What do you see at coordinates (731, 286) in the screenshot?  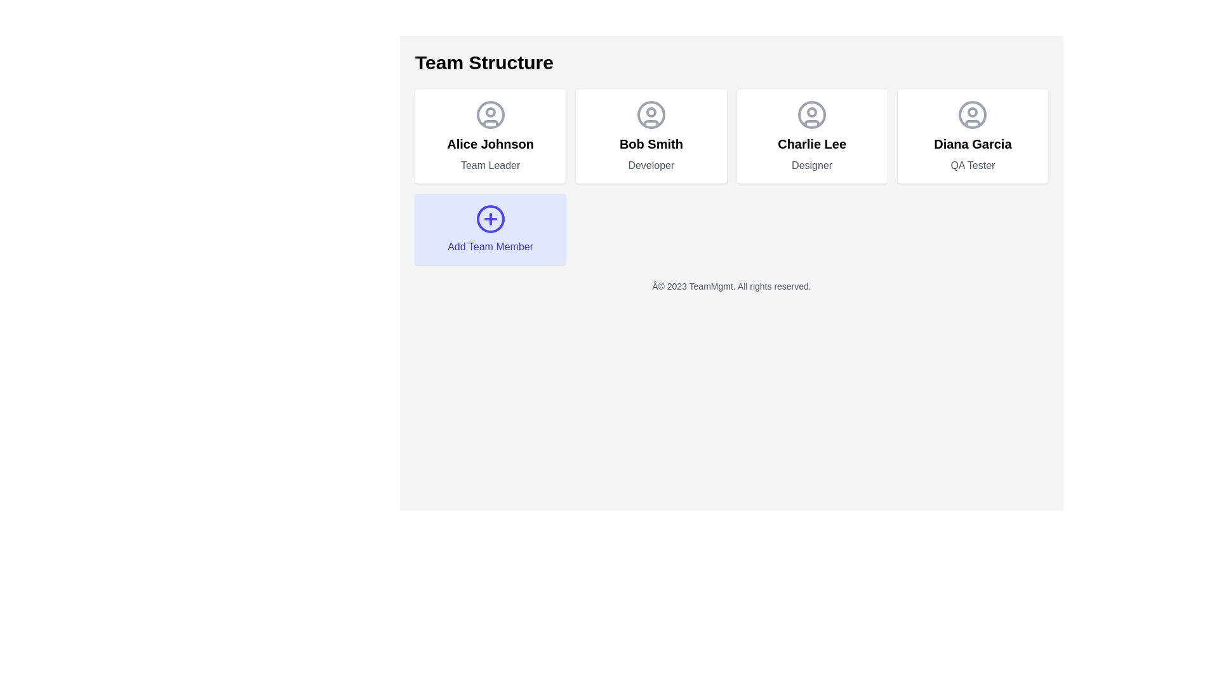 I see `the footer notice providing copyright and ownership information, which is located at the bottom-center of the page, directly below the 'Add Team Member' button` at bounding box center [731, 286].